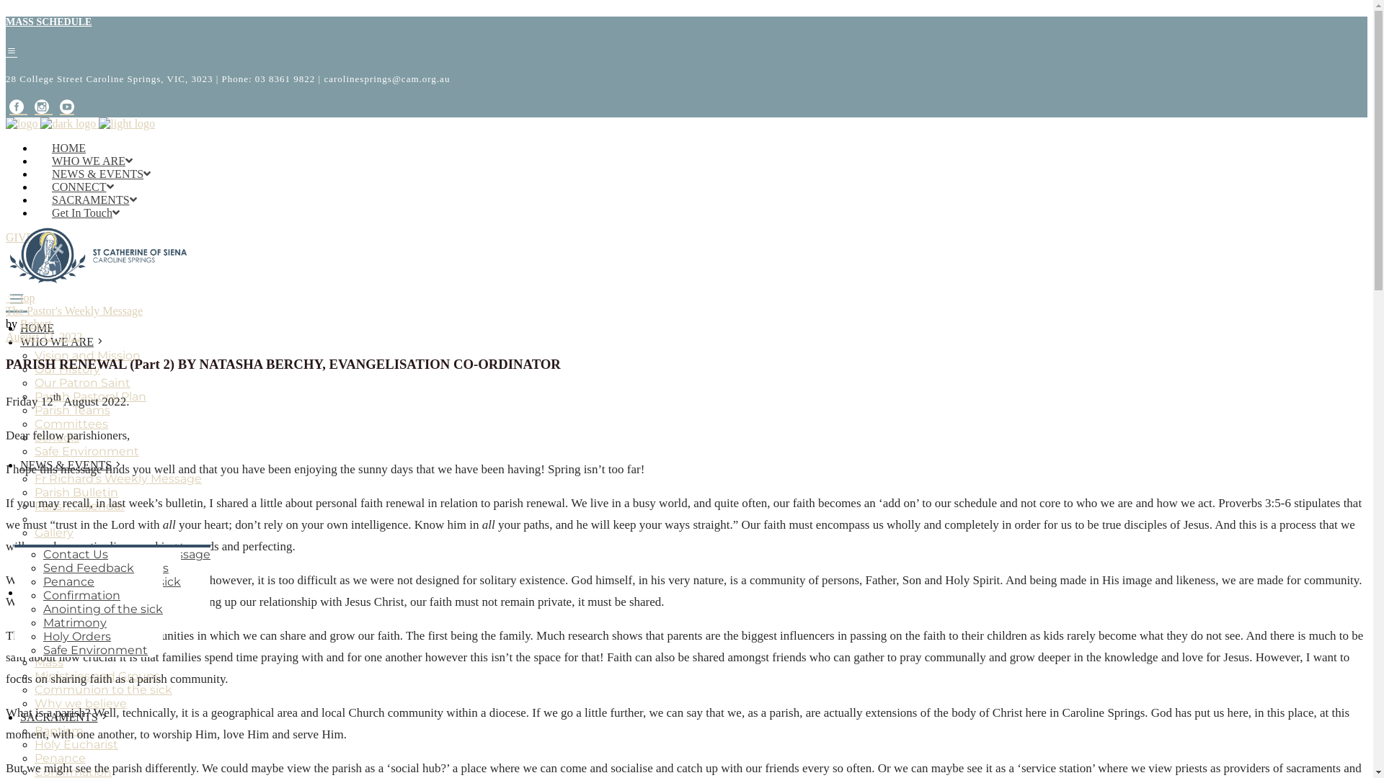 This screenshot has width=1384, height=778. What do you see at coordinates (19, 236) in the screenshot?
I see `'GIVE'` at bounding box center [19, 236].